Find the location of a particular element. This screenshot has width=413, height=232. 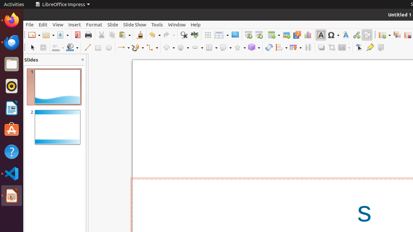

'PDF' is located at coordinates (77, 35).